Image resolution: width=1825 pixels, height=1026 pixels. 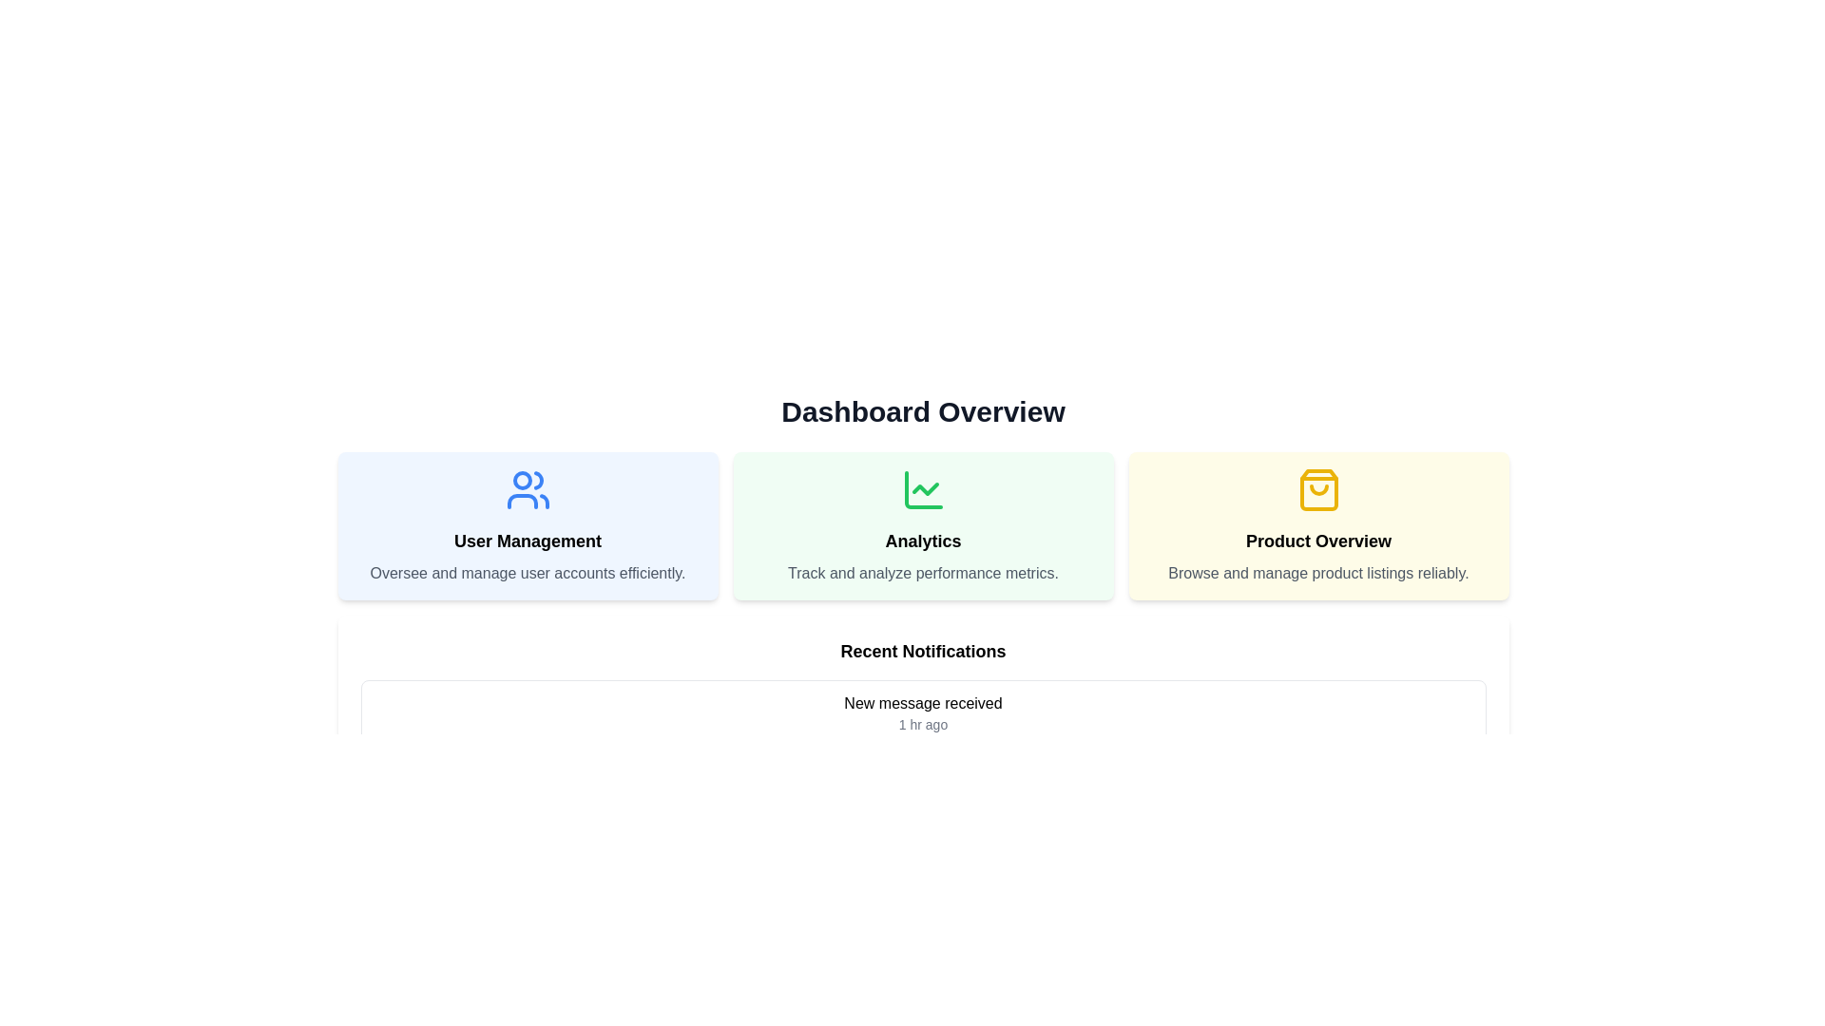 What do you see at coordinates (923, 703) in the screenshot?
I see `message description displayed in the text element that shows 'New message received' within the notification card located in the 'Recent Notifications' section` at bounding box center [923, 703].